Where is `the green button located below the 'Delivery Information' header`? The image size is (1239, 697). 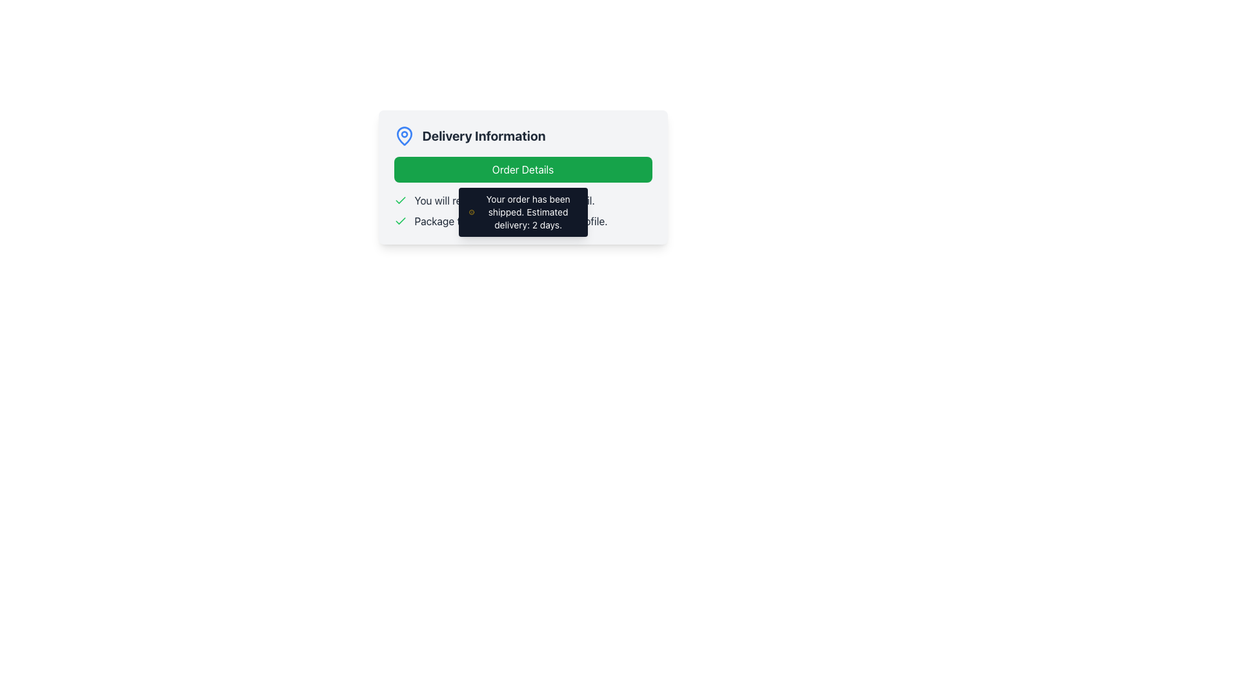 the green button located below the 'Delivery Information' header is located at coordinates (523, 168).